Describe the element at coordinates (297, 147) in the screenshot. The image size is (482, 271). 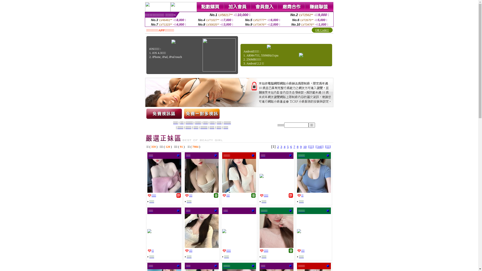
I see `'8'` at that location.